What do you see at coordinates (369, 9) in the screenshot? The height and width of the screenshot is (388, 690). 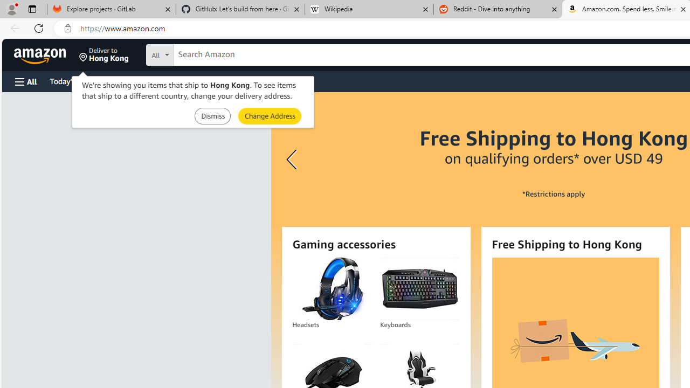 I see `'Wikipedia'` at bounding box center [369, 9].